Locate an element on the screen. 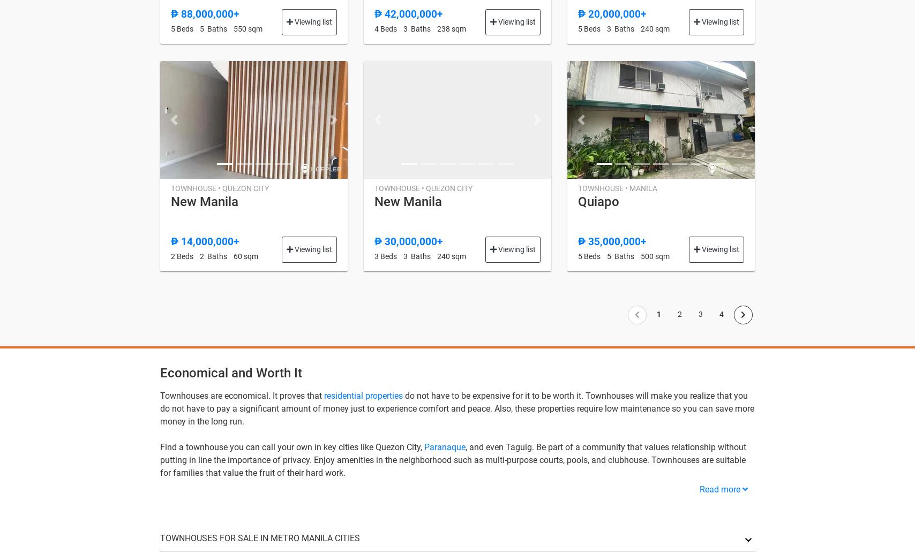  'Economical and Worth It' is located at coordinates (231, 372).